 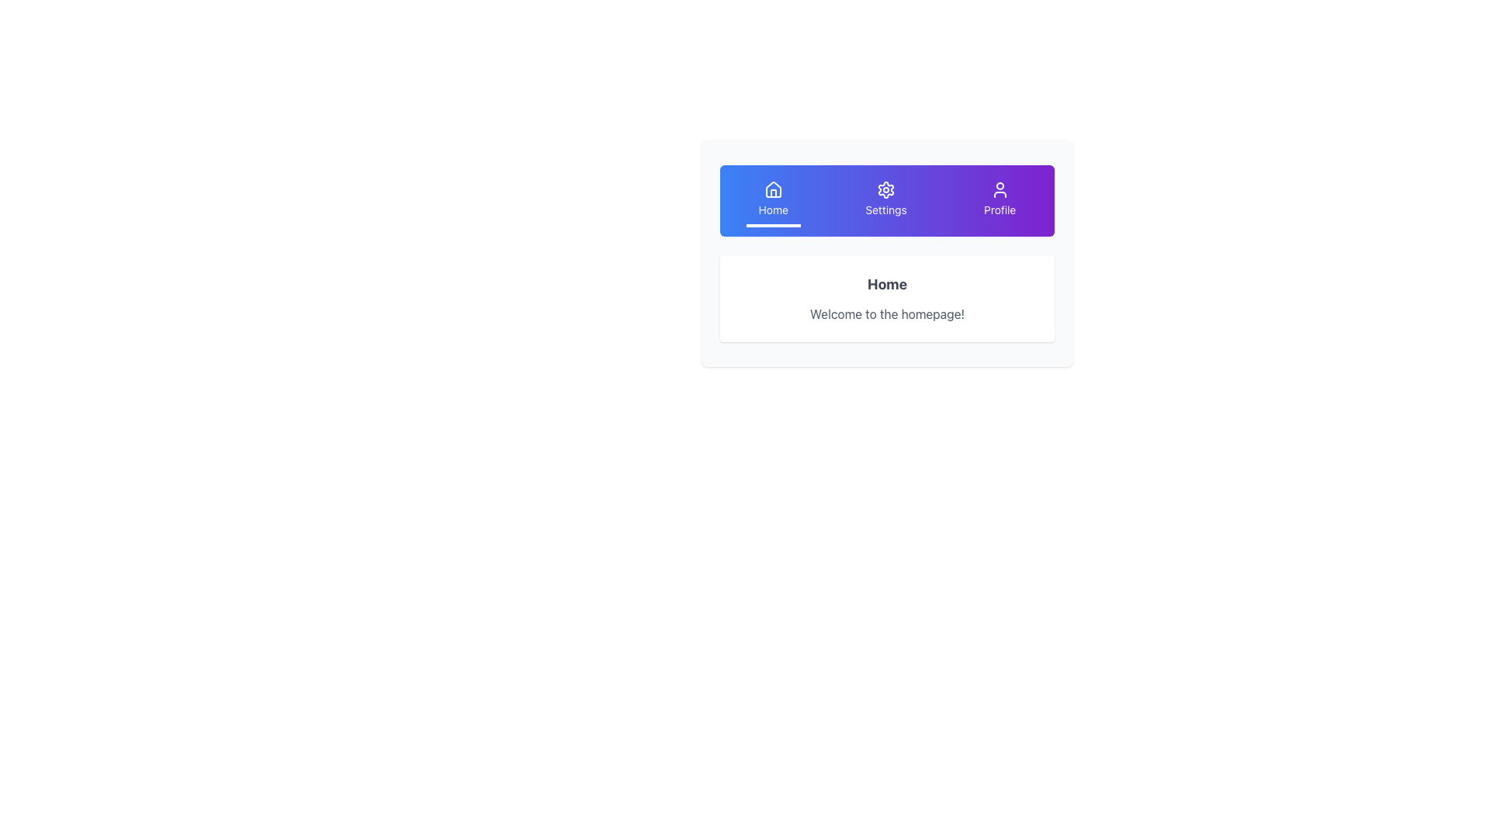 What do you see at coordinates (999, 189) in the screenshot?
I see `the 'Profile' icon located in the top-right navigation bar, which is the third icon in a row of three` at bounding box center [999, 189].